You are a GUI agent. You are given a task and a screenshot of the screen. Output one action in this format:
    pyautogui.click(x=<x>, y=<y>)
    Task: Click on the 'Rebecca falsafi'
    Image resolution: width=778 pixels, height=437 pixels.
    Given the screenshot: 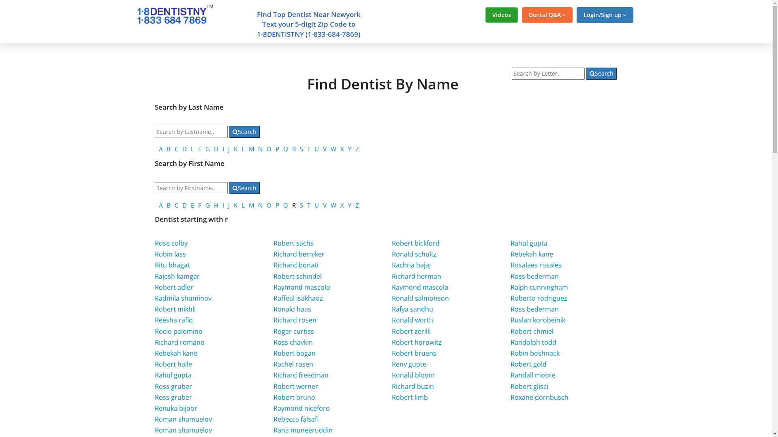 What is the action you would take?
    pyautogui.click(x=295, y=419)
    